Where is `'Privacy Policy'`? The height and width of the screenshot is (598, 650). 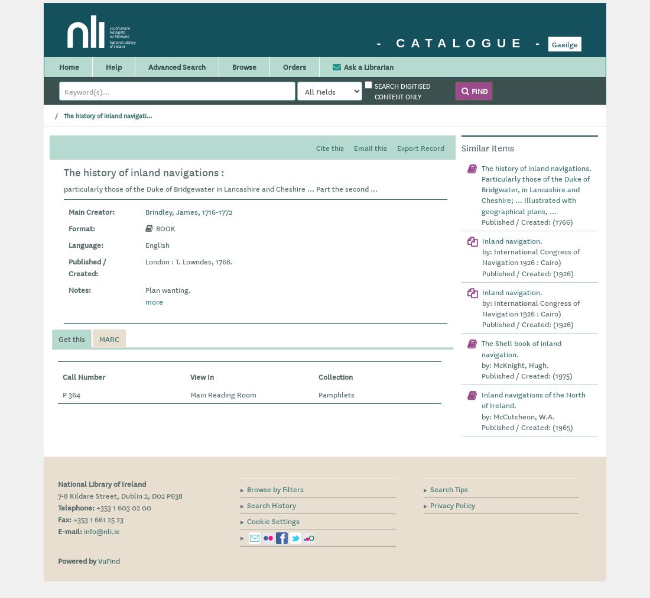 'Privacy Policy' is located at coordinates (452, 504).